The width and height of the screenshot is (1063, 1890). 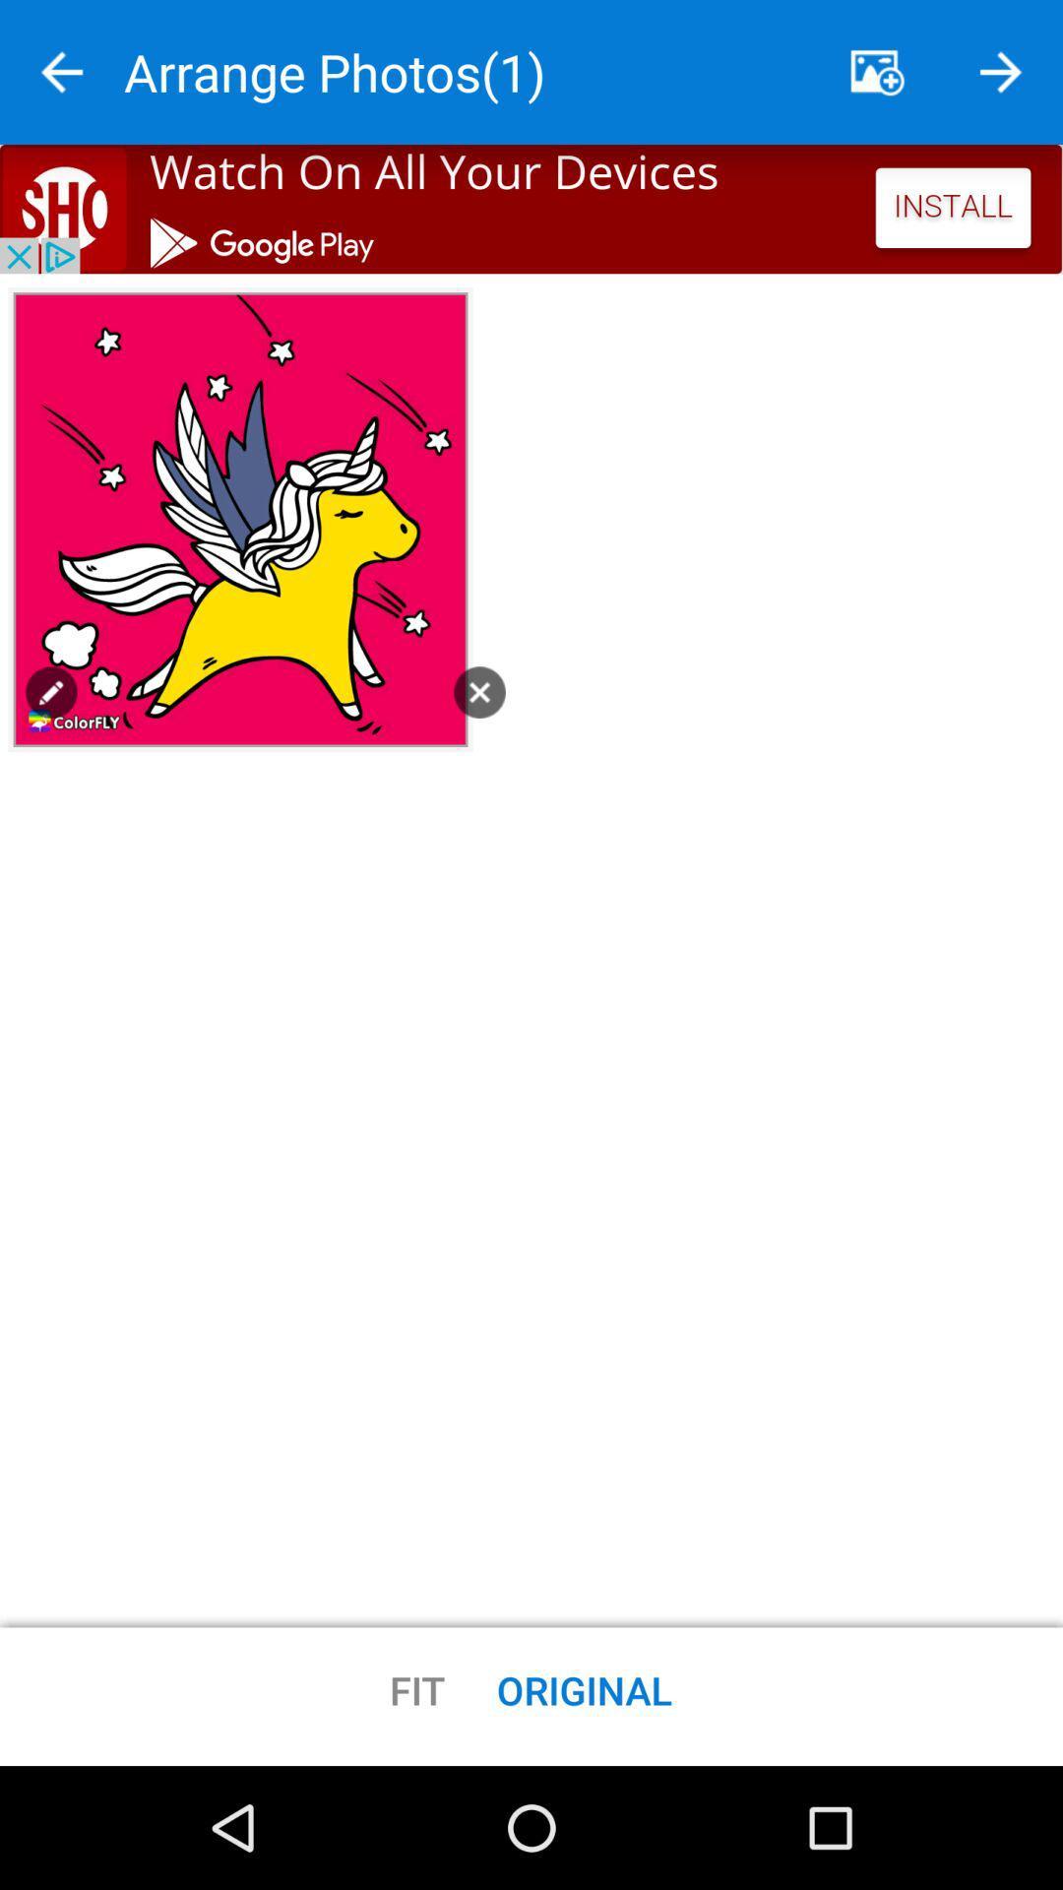 What do you see at coordinates (531, 209) in the screenshot?
I see `install app` at bounding box center [531, 209].